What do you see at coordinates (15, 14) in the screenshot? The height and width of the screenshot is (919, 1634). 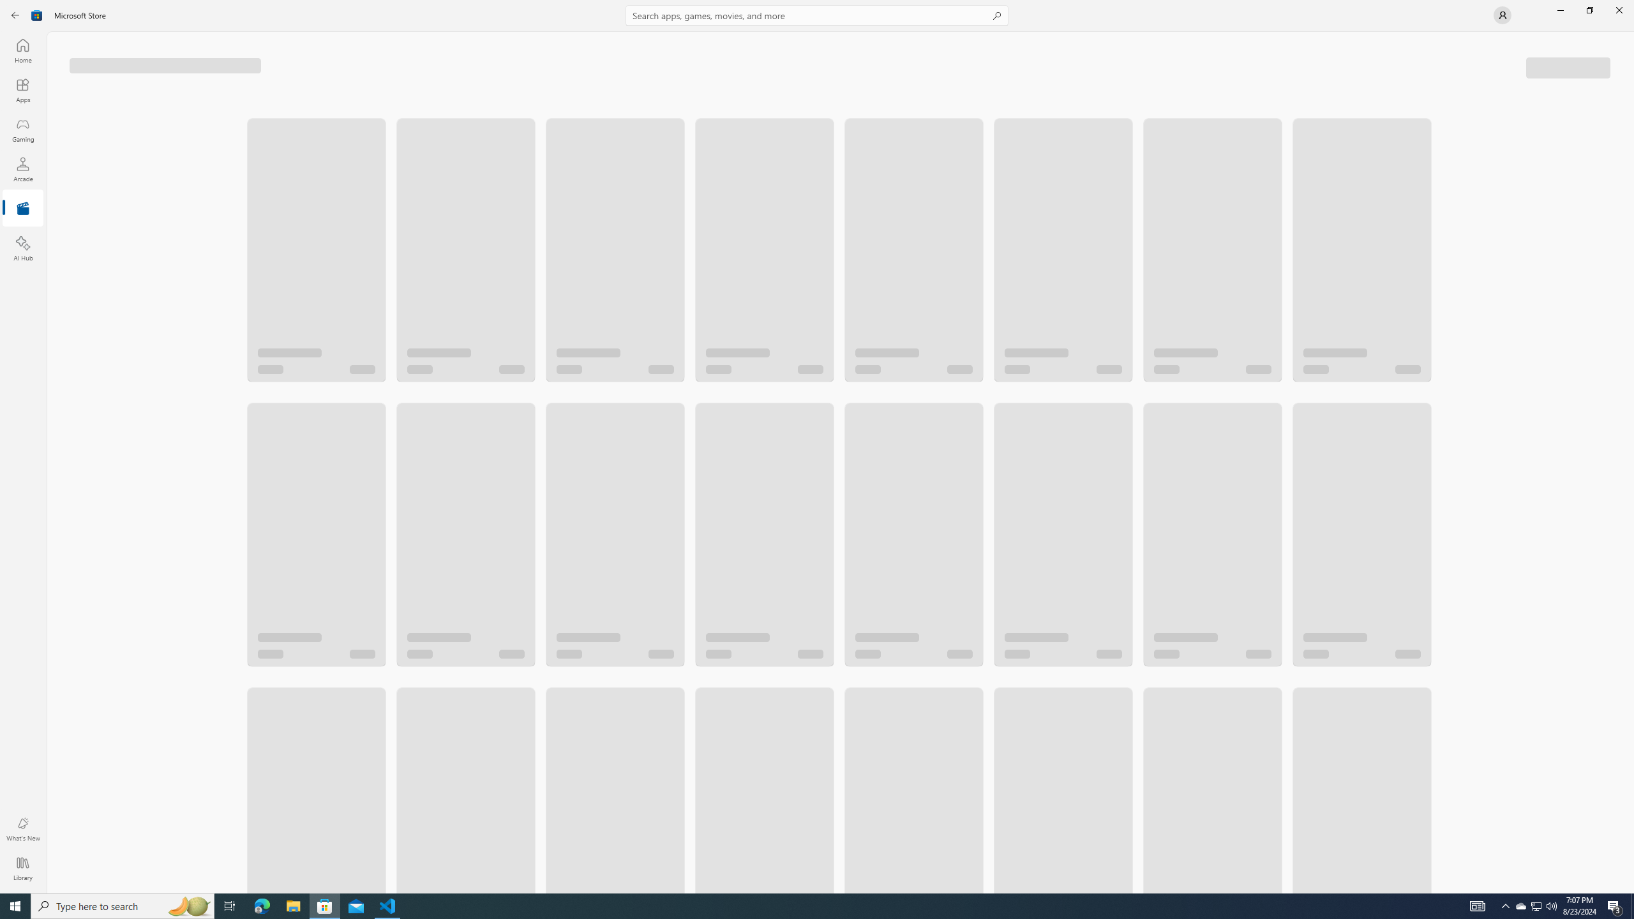 I see `'Back'` at bounding box center [15, 14].